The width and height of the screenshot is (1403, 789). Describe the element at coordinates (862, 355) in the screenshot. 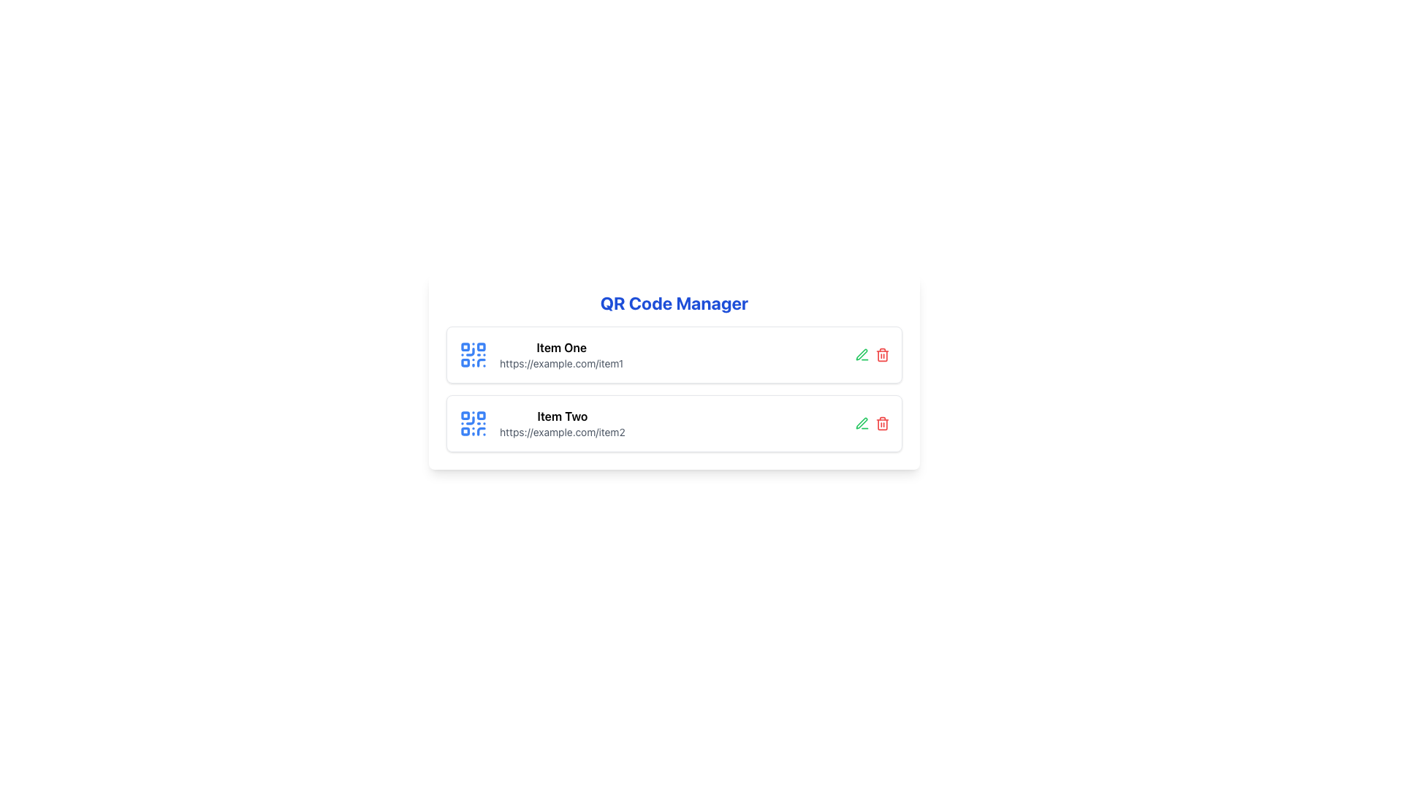

I see `the edit button, which is the second icon in the second row of a two-row list` at that location.